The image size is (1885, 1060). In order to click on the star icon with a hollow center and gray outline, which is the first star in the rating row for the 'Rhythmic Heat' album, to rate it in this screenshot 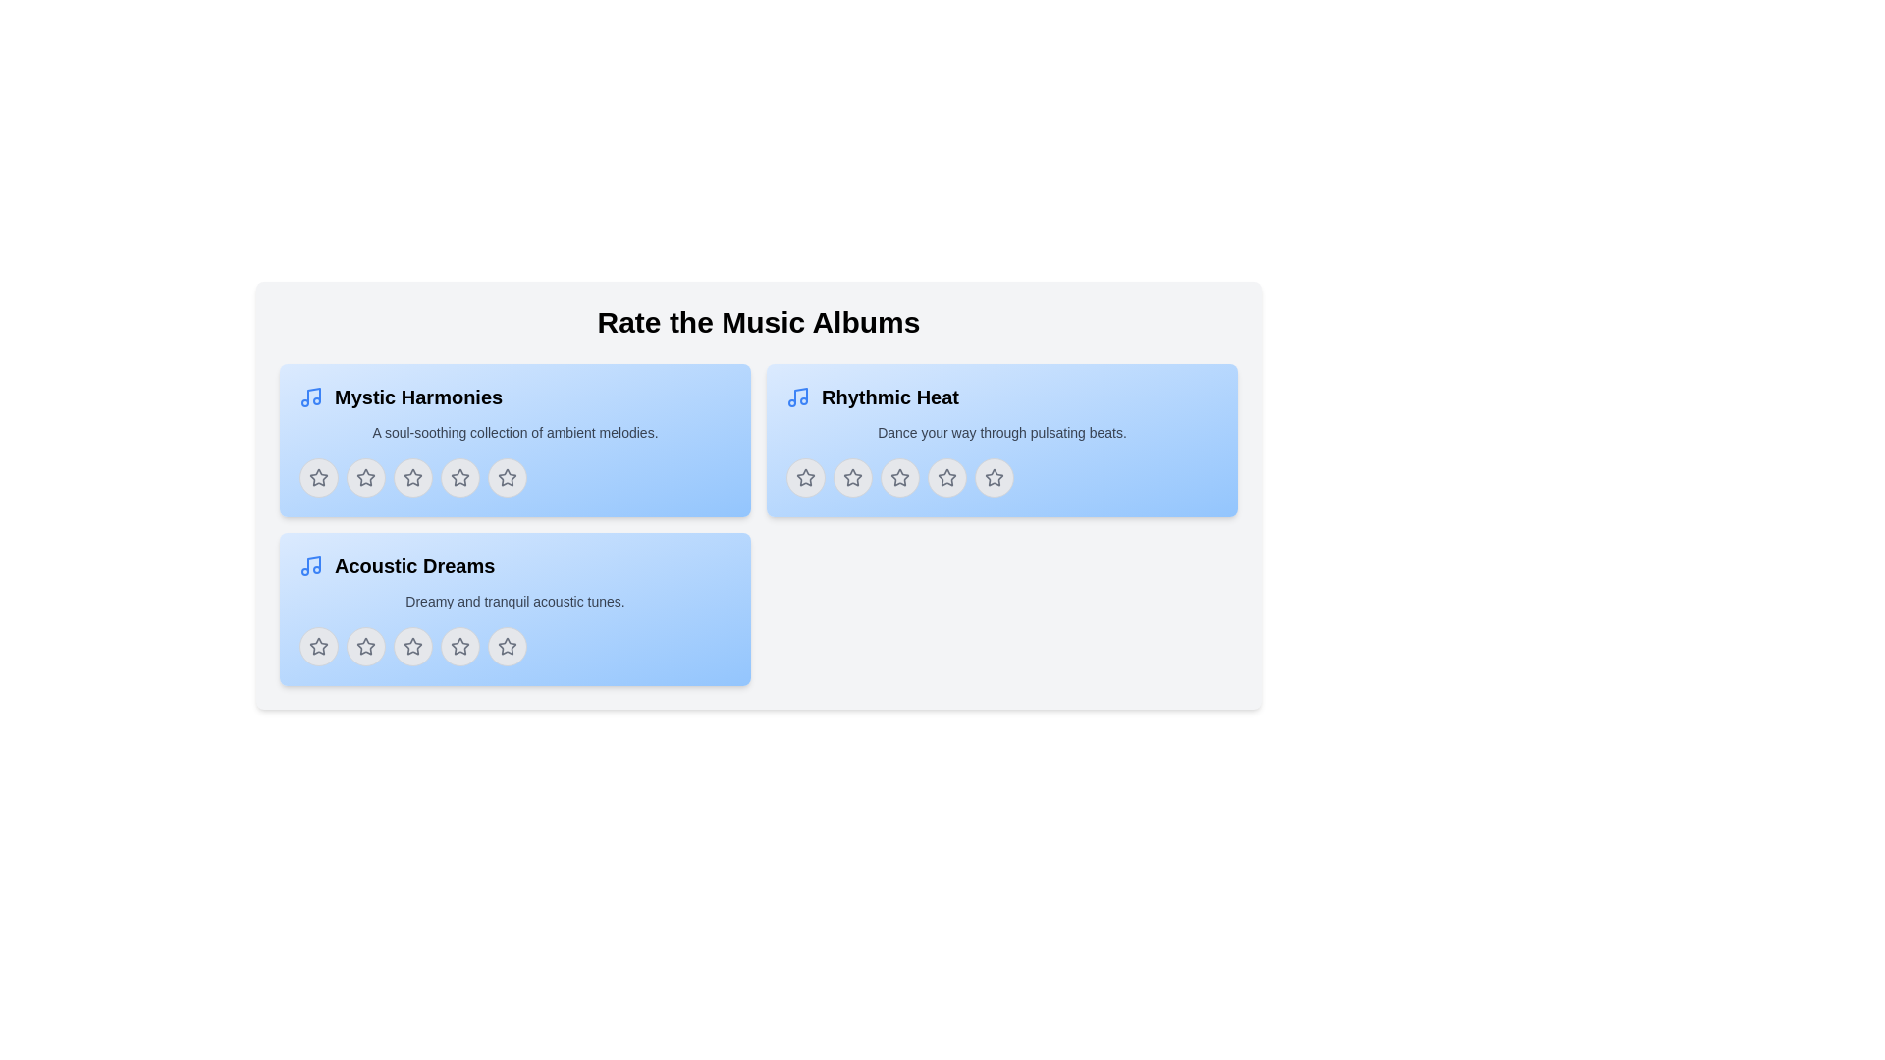, I will do `click(805, 477)`.